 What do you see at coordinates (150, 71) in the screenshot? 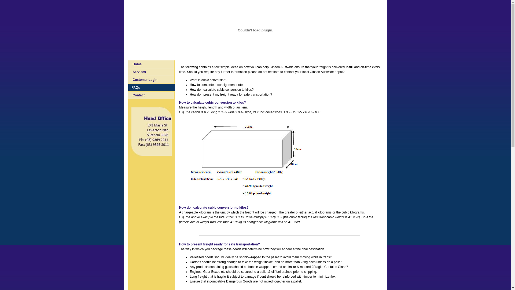
I see `'Services'` at bounding box center [150, 71].